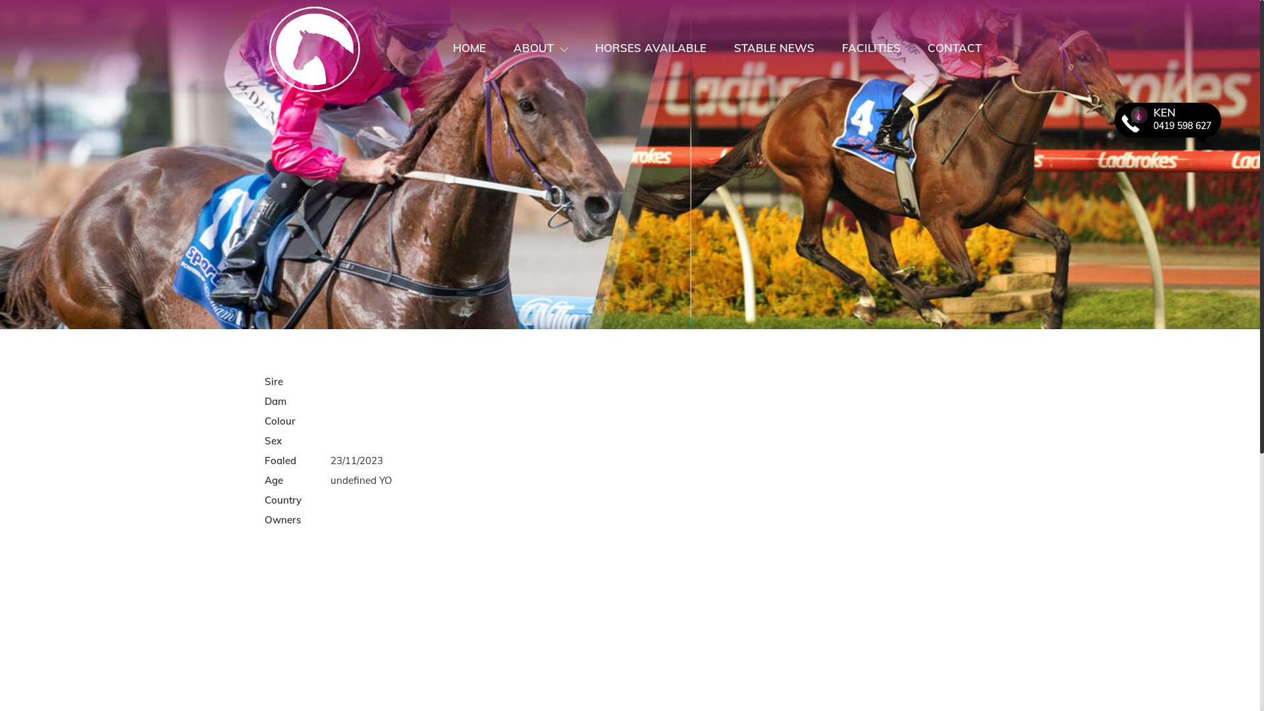 The image size is (1264, 711). Describe the element at coordinates (954, 50) in the screenshot. I see `'CONTACT'` at that location.